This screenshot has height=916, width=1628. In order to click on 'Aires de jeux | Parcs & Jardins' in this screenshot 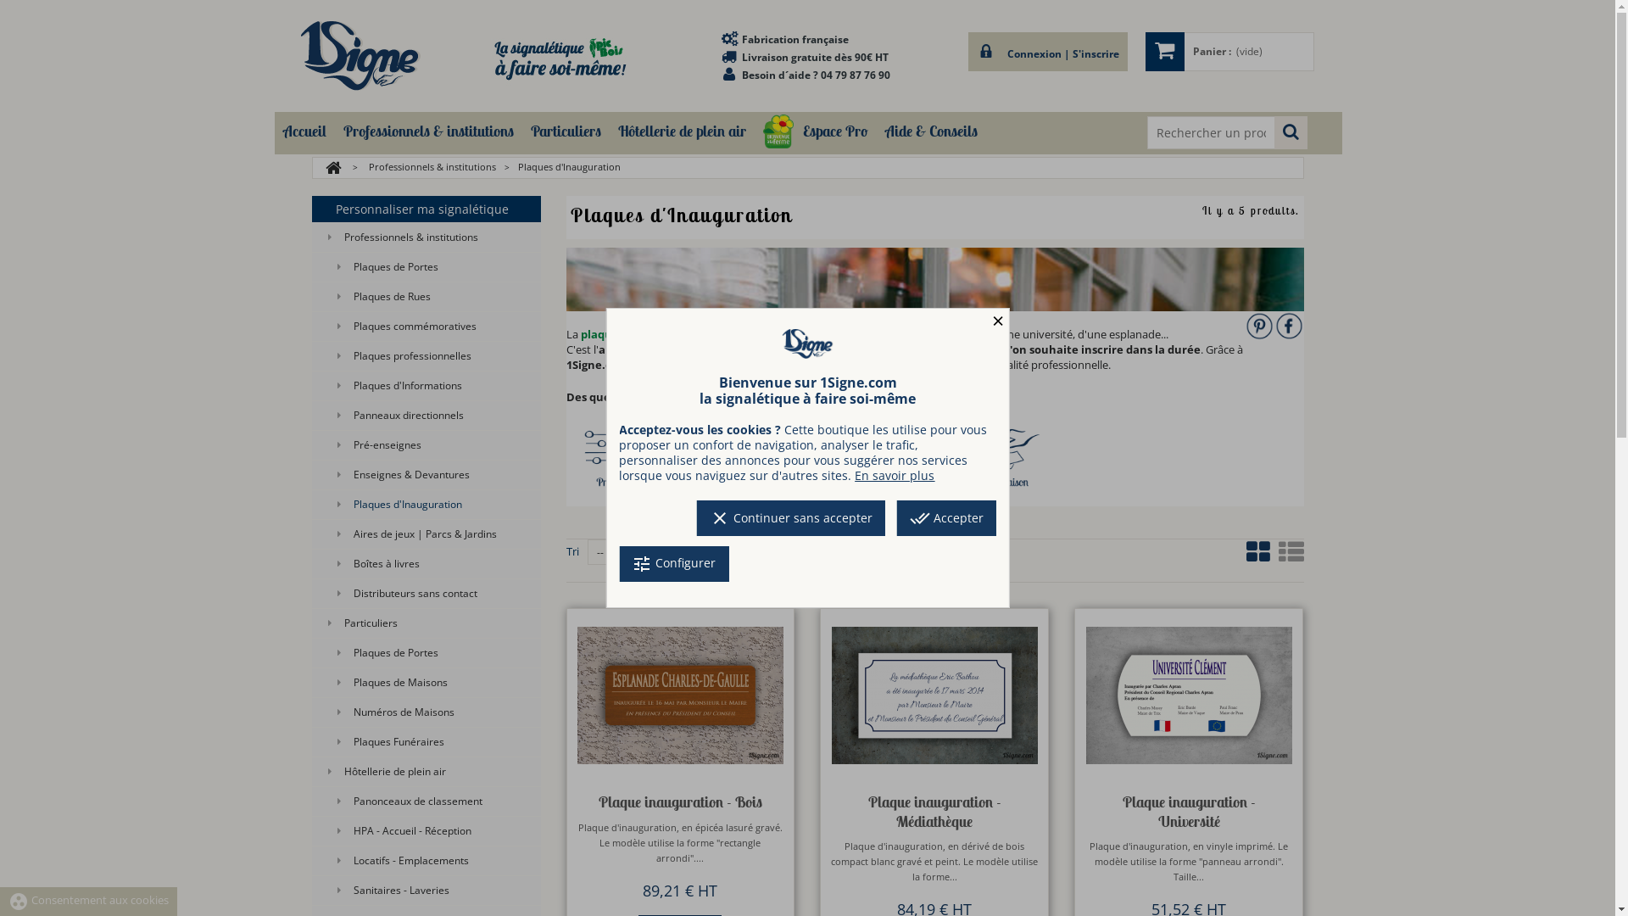, I will do `click(427, 533)`.